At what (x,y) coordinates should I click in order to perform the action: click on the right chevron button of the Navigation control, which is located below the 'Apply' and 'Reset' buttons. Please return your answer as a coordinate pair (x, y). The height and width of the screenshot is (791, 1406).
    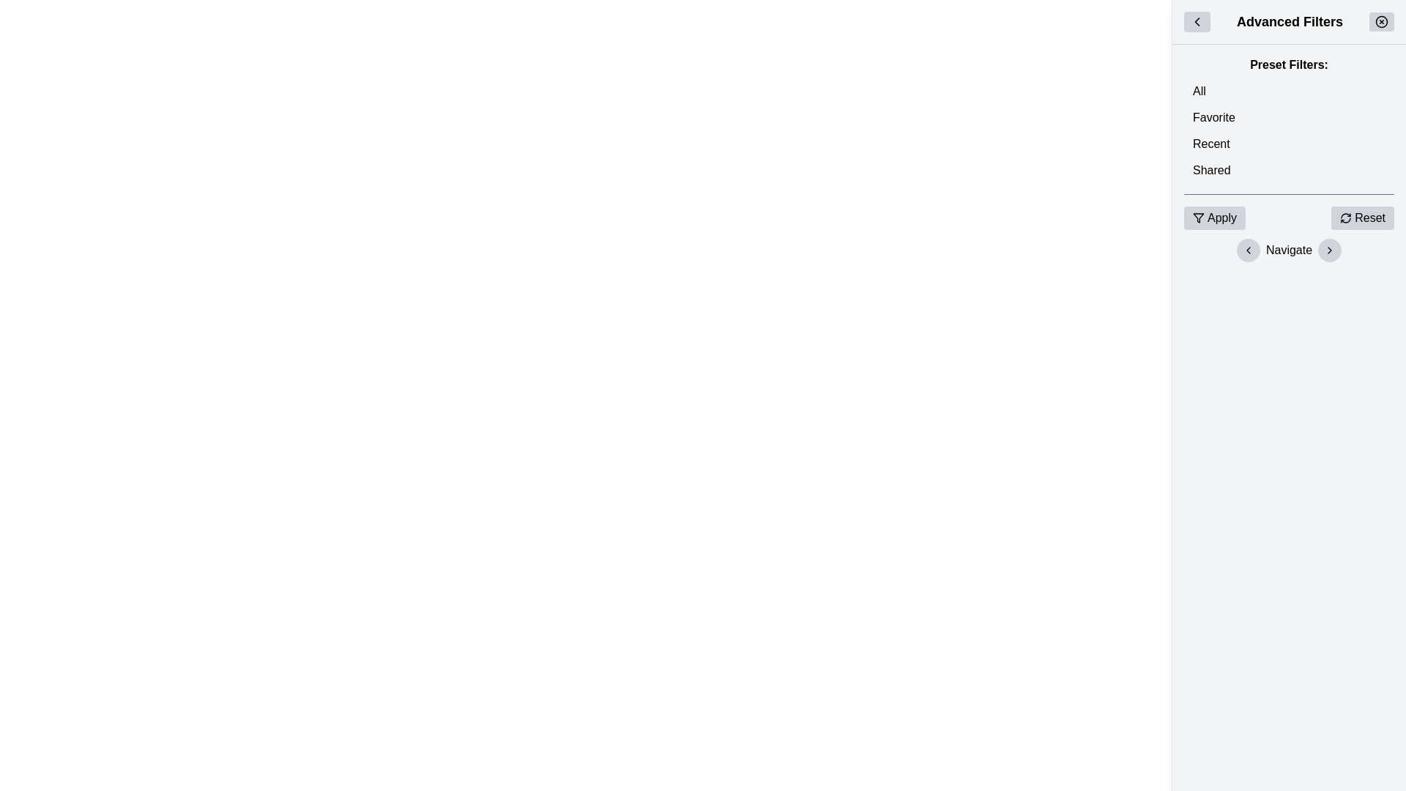
    Looking at the image, I should click on (1289, 250).